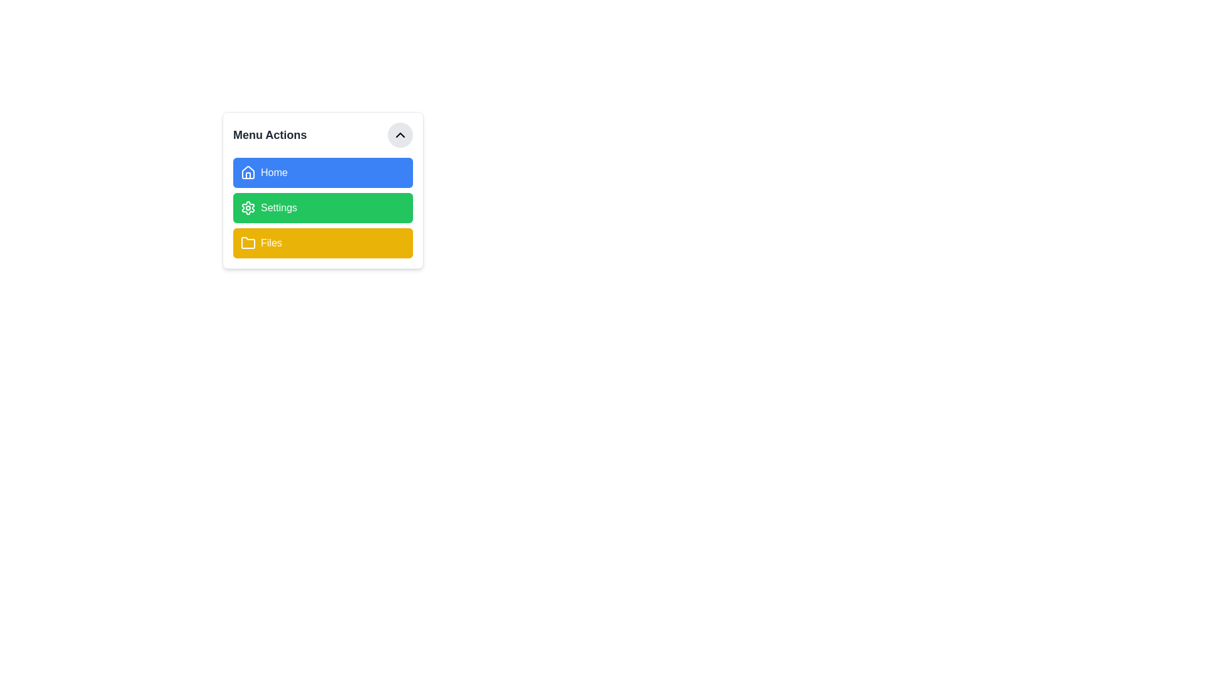 The width and height of the screenshot is (1207, 679). What do you see at coordinates (322, 207) in the screenshot?
I see `the settings button located in the middle of a vertical list of three buttons, positioned below the 'Home' button and above the 'Files' button, for keyboard navigation` at bounding box center [322, 207].